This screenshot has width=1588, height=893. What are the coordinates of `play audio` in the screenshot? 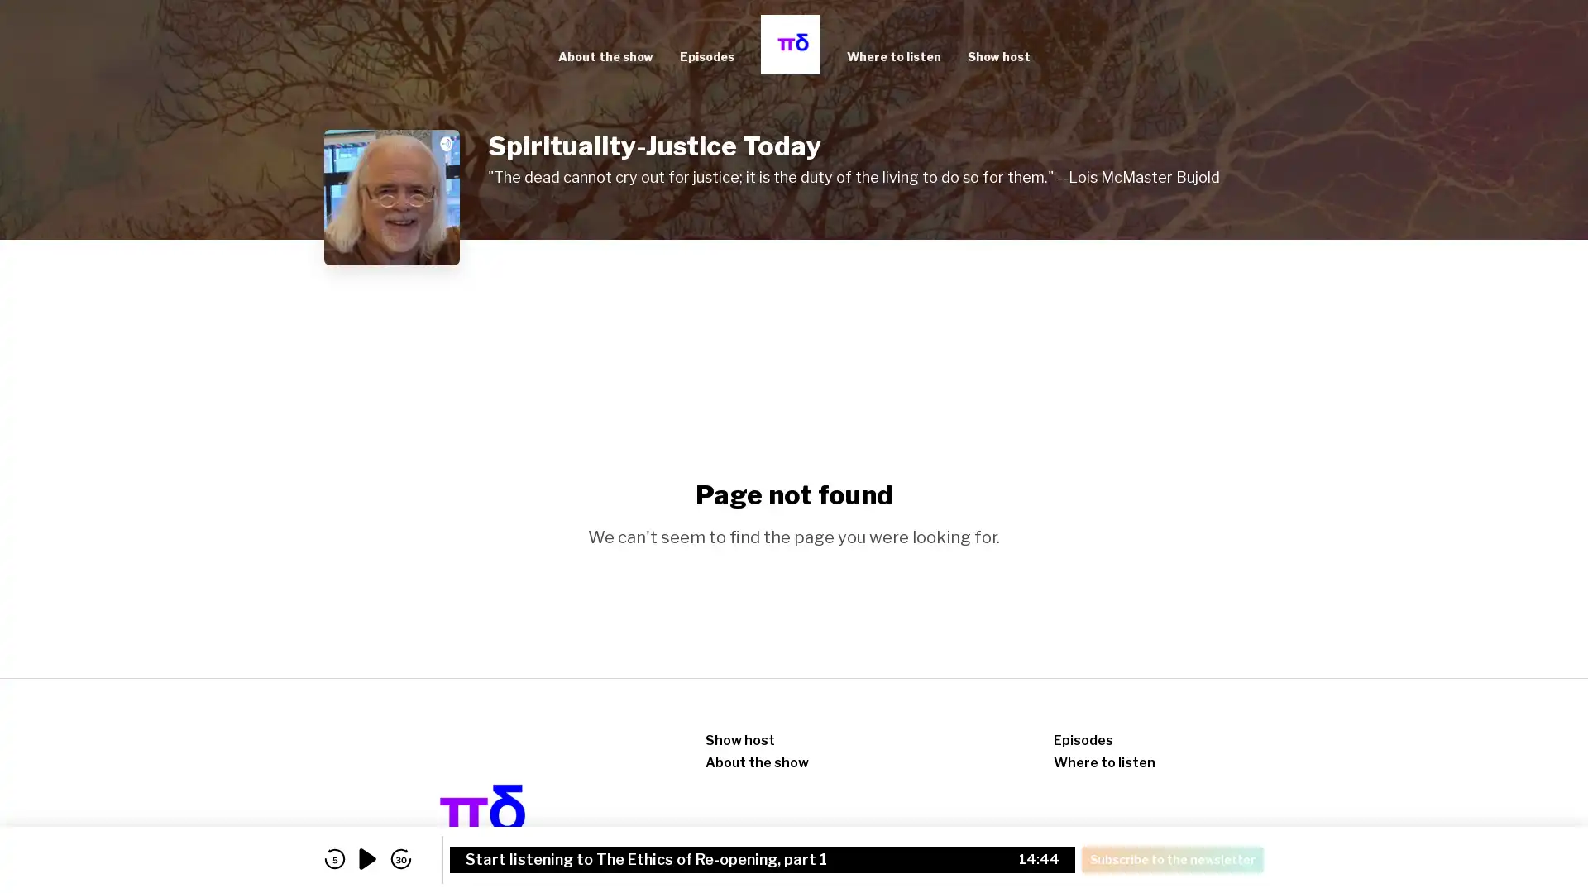 It's located at (367, 858).